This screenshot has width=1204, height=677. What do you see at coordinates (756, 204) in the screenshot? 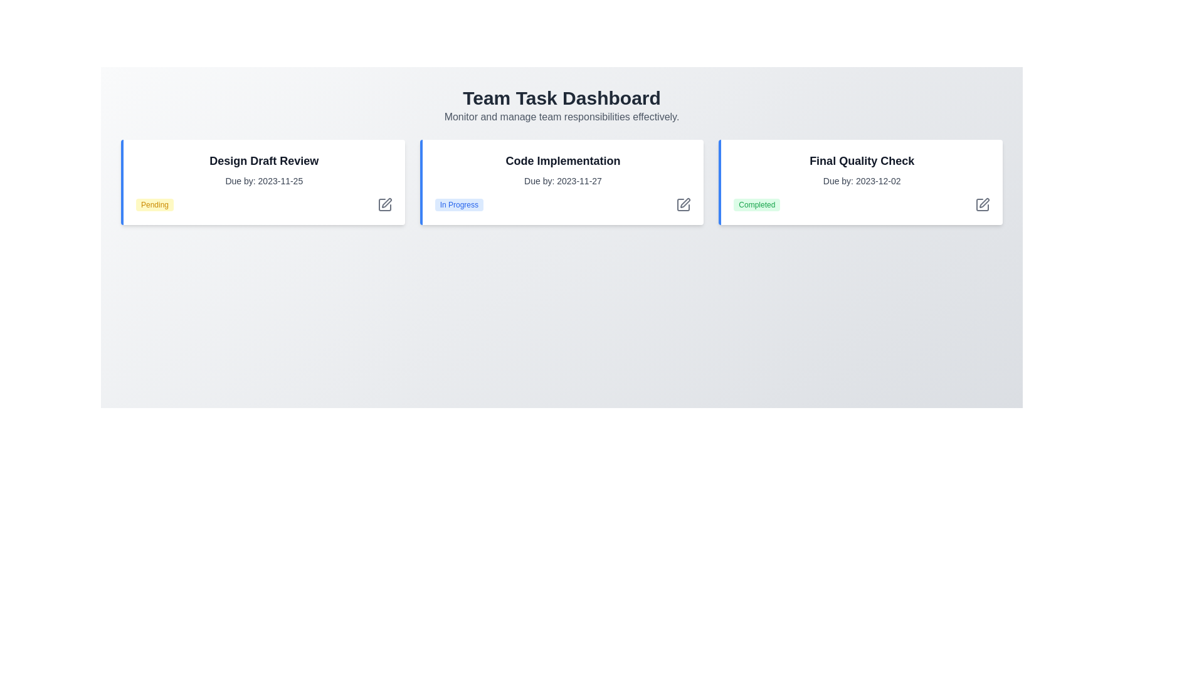
I see `the 'Completed' label with a green background located in the 'Final Quality Check' card, positioned to the left of the pencil-shaped edit icon` at bounding box center [756, 204].